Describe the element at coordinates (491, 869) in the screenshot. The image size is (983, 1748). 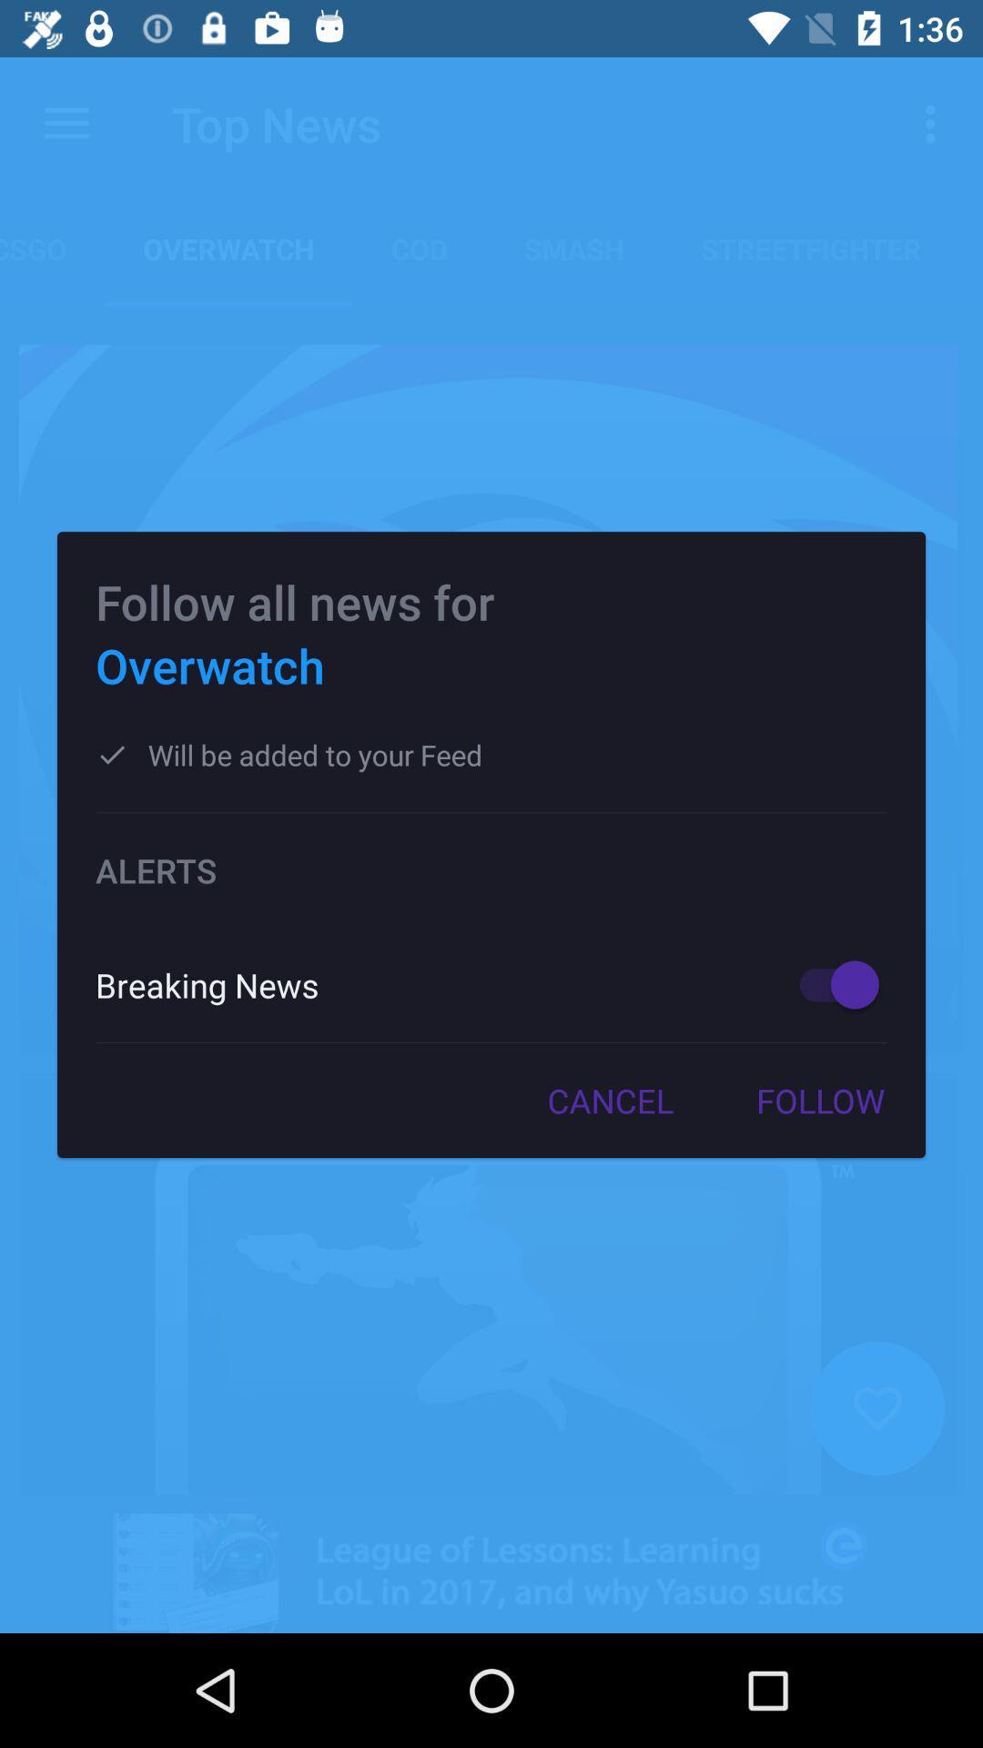
I see `alerts icon` at that location.